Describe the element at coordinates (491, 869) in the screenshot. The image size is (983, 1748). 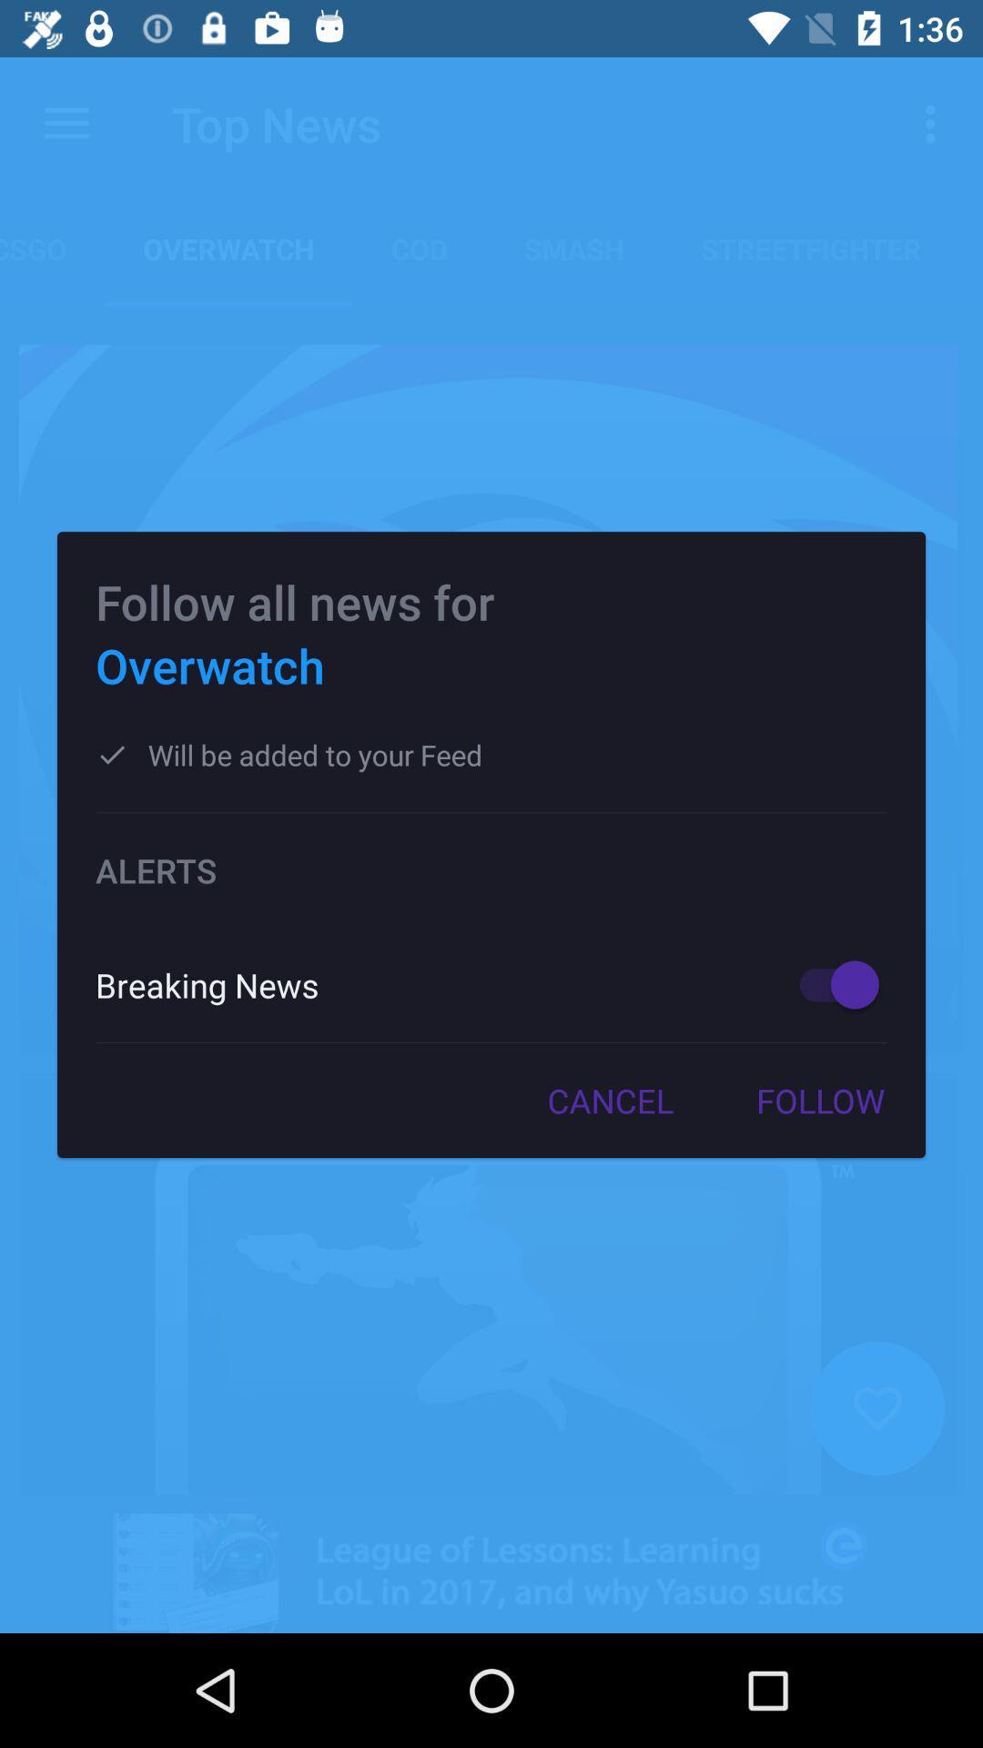
I see `alerts icon` at that location.